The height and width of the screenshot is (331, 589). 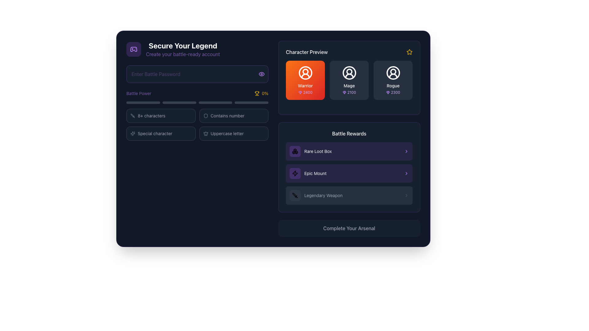 I want to click on the right-pointing chevron icon with a purple border, located at the far-right of the 'Rare Loot Box' card, so click(x=406, y=151).